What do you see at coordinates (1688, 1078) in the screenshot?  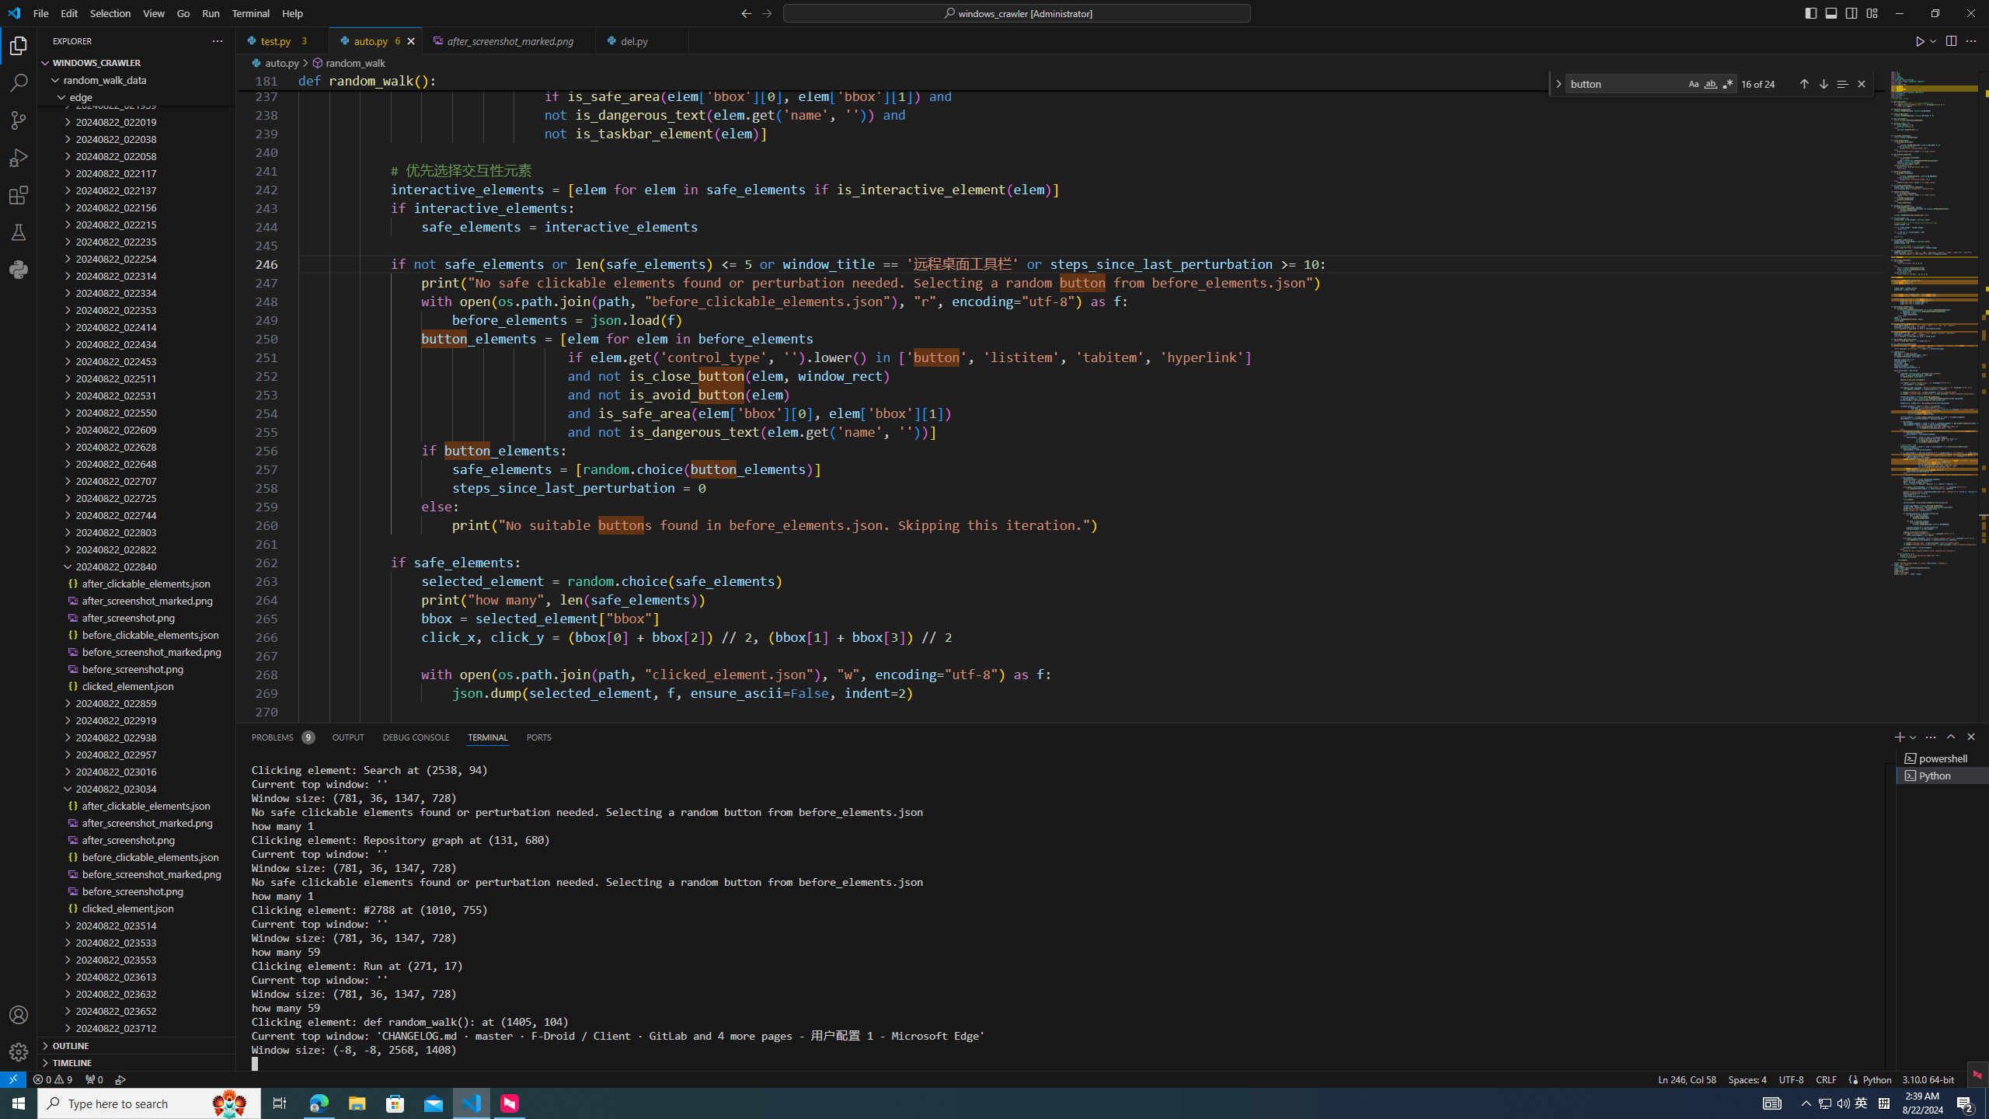 I see `'Ln 246, Col 58'` at bounding box center [1688, 1078].